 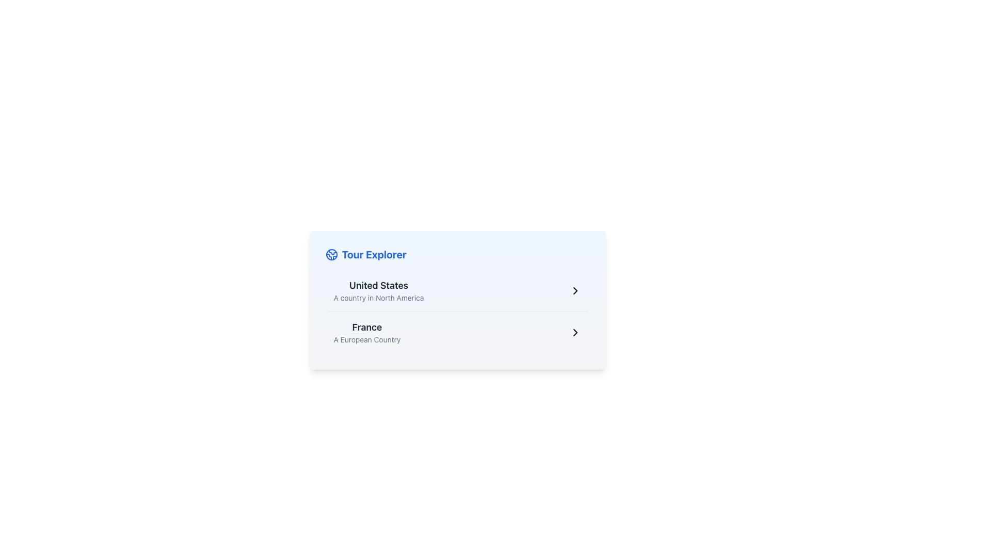 I want to click on the central circular SVG graphic with a blue outline, which is part of the globe-themed icon located beside the text 'Tour Explorer', so click(x=331, y=254).